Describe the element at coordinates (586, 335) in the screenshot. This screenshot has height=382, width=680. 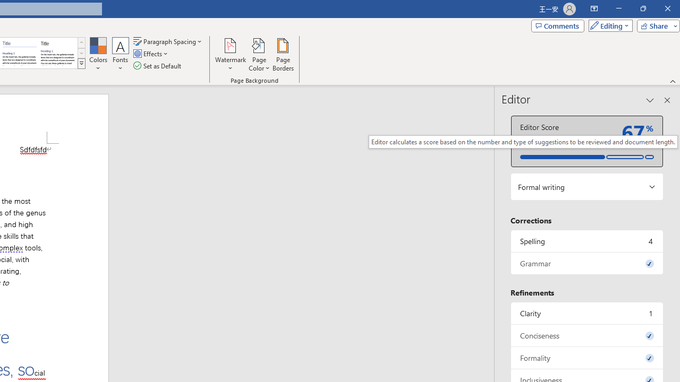
I see `'Conciseness, 0 issues. Press space or enter to review items.'` at that location.